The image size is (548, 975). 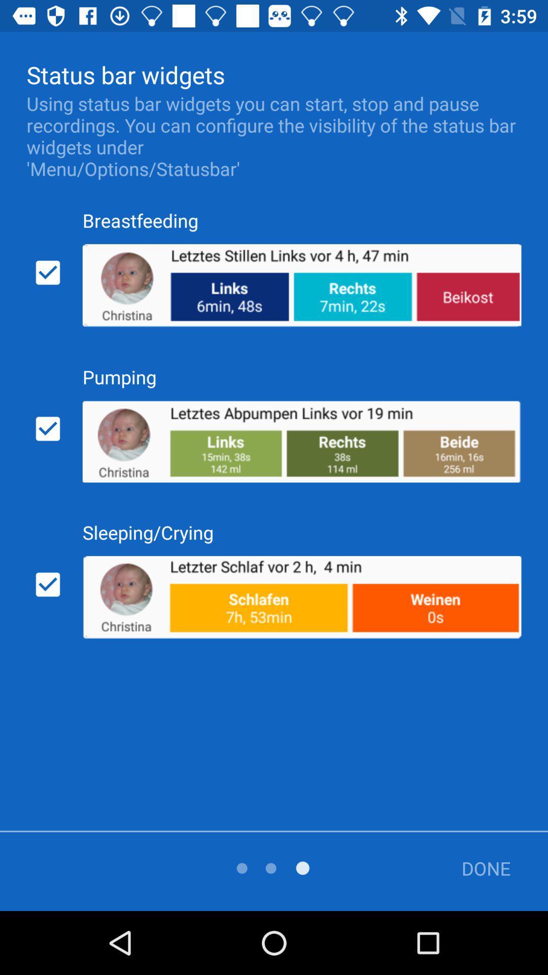 What do you see at coordinates (478, 867) in the screenshot?
I see `done icon` at bounding box center [478, 867].